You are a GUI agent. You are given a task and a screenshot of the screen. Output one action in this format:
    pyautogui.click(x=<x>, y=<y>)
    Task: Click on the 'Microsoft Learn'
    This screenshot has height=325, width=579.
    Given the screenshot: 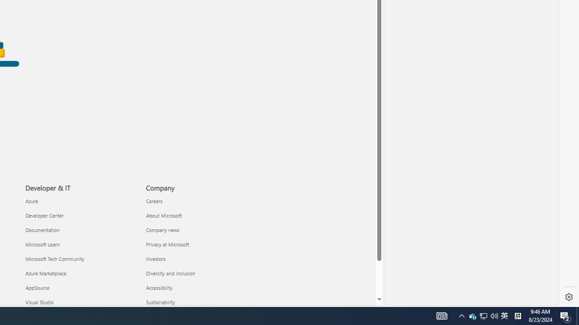 What is the action you would take?
    pyautogui.click(x=80, y=244)
    